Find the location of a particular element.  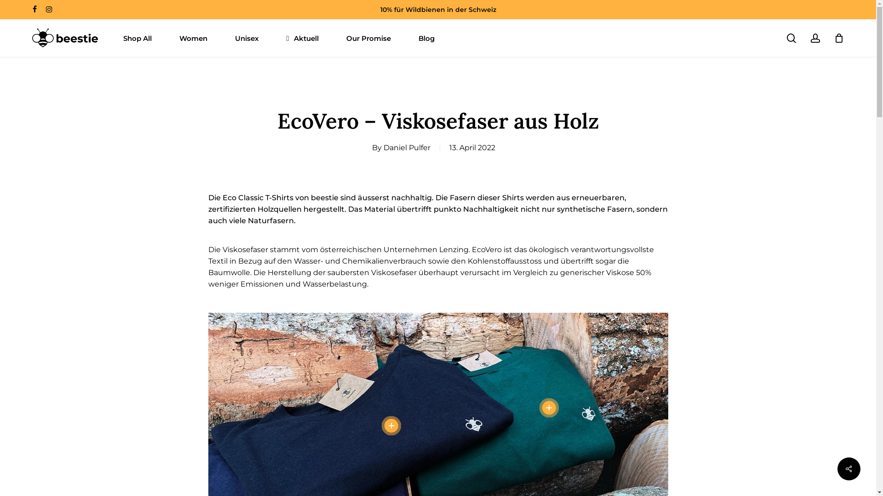

'Lenzing' is located at coordinates (453, 249).